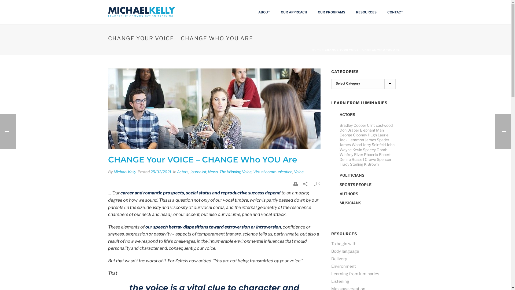 This screenshot has height=290, width=515. I want to click on 'Jerry Seinfeld', so click(374, 144).